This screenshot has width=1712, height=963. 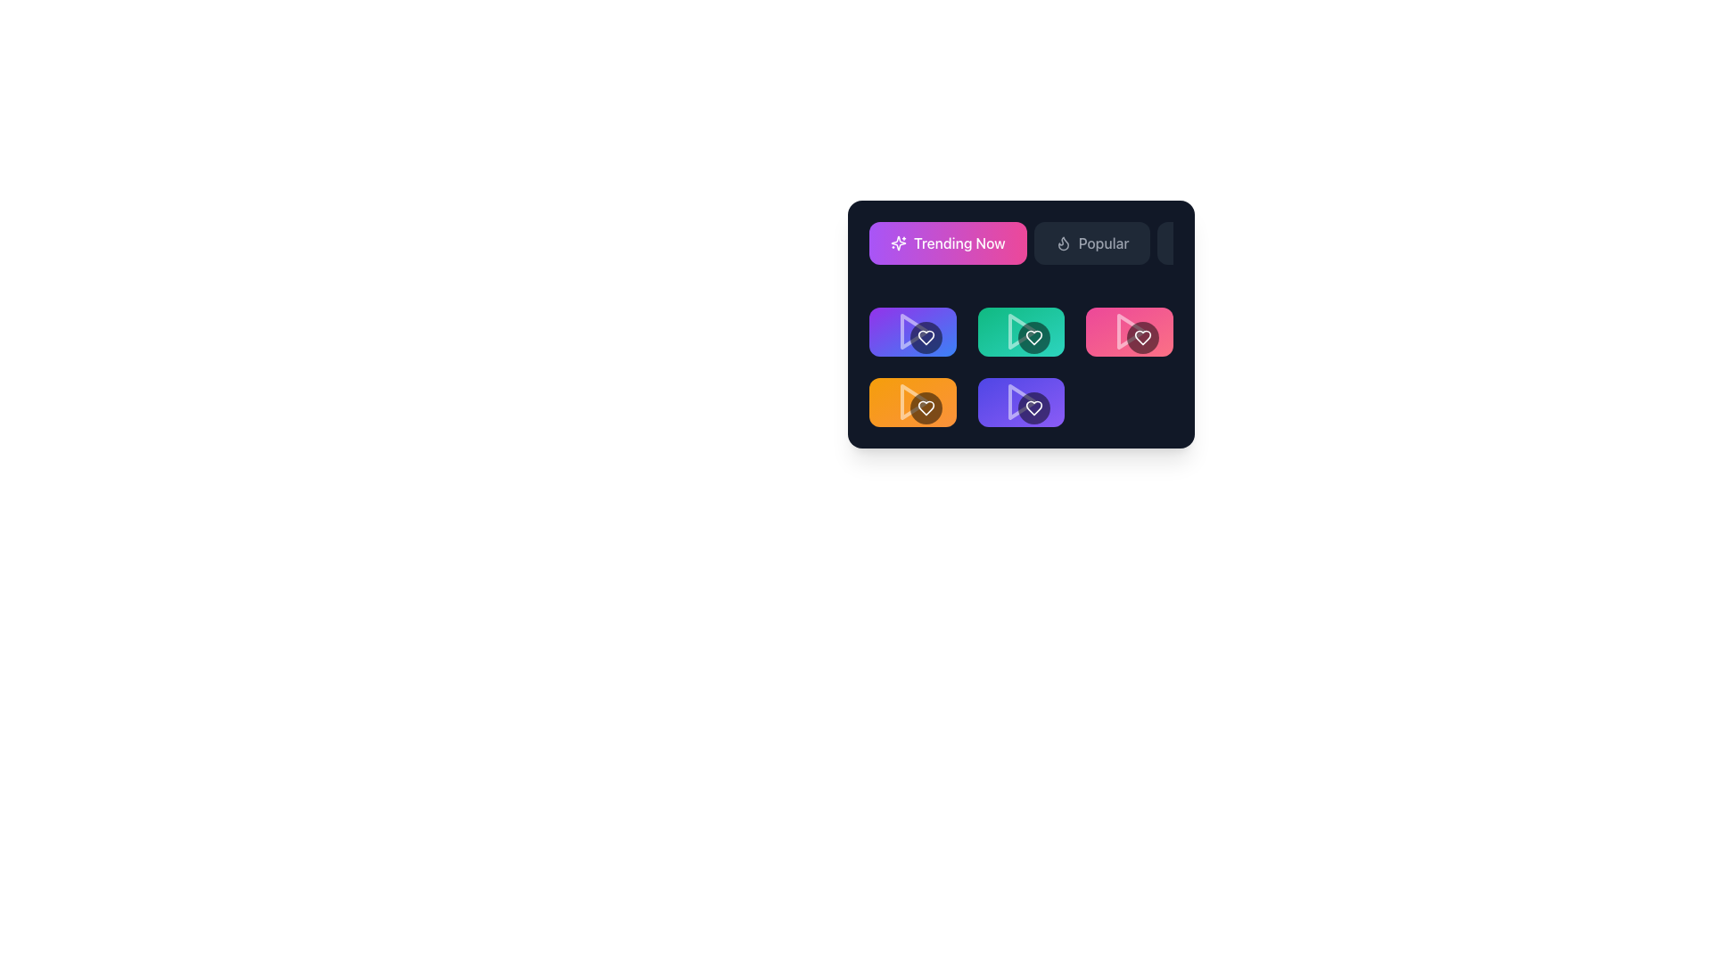 I want to click on the visual appearance of the outlined thumbs-up SVG graphical icon located at the center of the interface, so click(x=1013, y=393).